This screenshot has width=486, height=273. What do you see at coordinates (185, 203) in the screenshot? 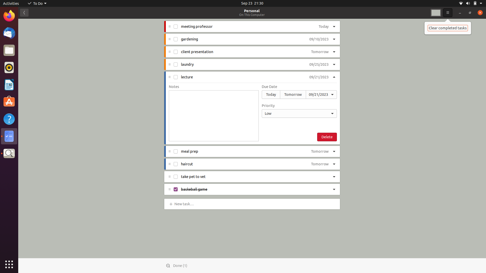
I see `Add "sports" task` at bounding box center [185, 203].